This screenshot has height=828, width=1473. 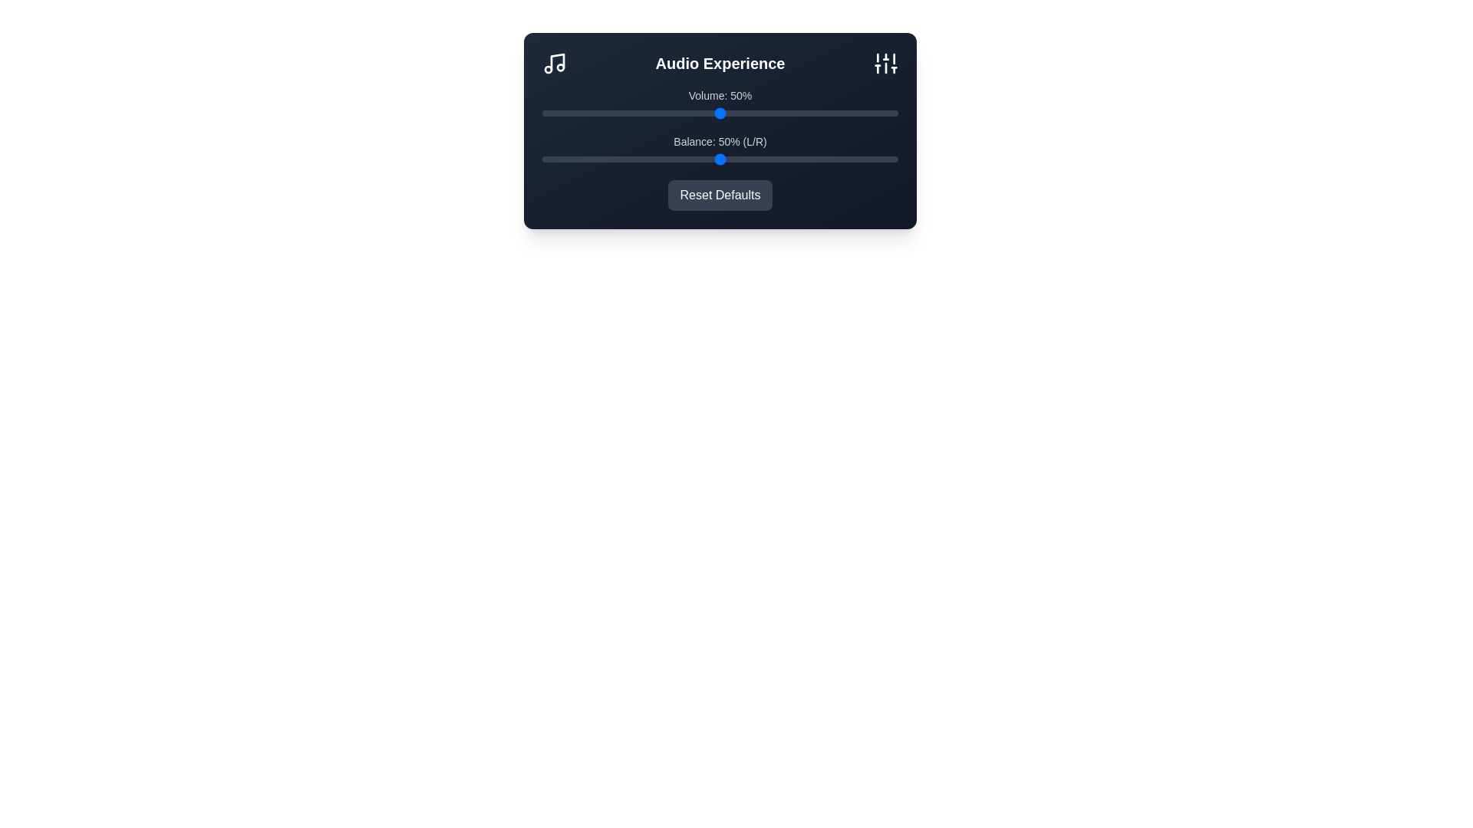 I want to click on the balance slider to 1%, so click(x=545, y=159).